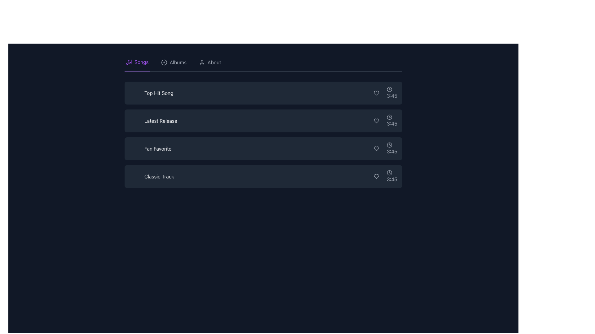 The width and height of the screenshot is (595, 334). What do you see at coordinates (389, 173) in the screenshot?
I see `the clock icon located at the far-right side of the last item in a vertically stacked list, adjacent to the '3:45' text` at bounding box center [389, 173].